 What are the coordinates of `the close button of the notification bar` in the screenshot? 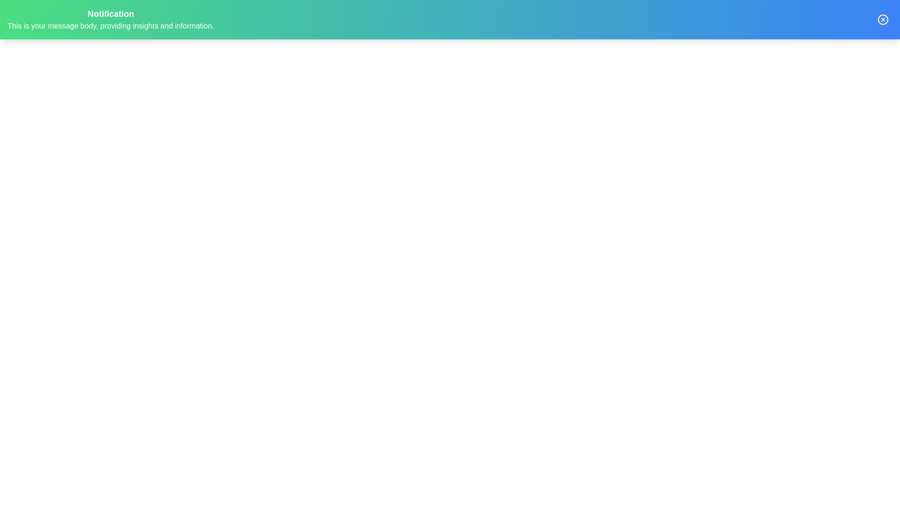 It's located at (882, 20).